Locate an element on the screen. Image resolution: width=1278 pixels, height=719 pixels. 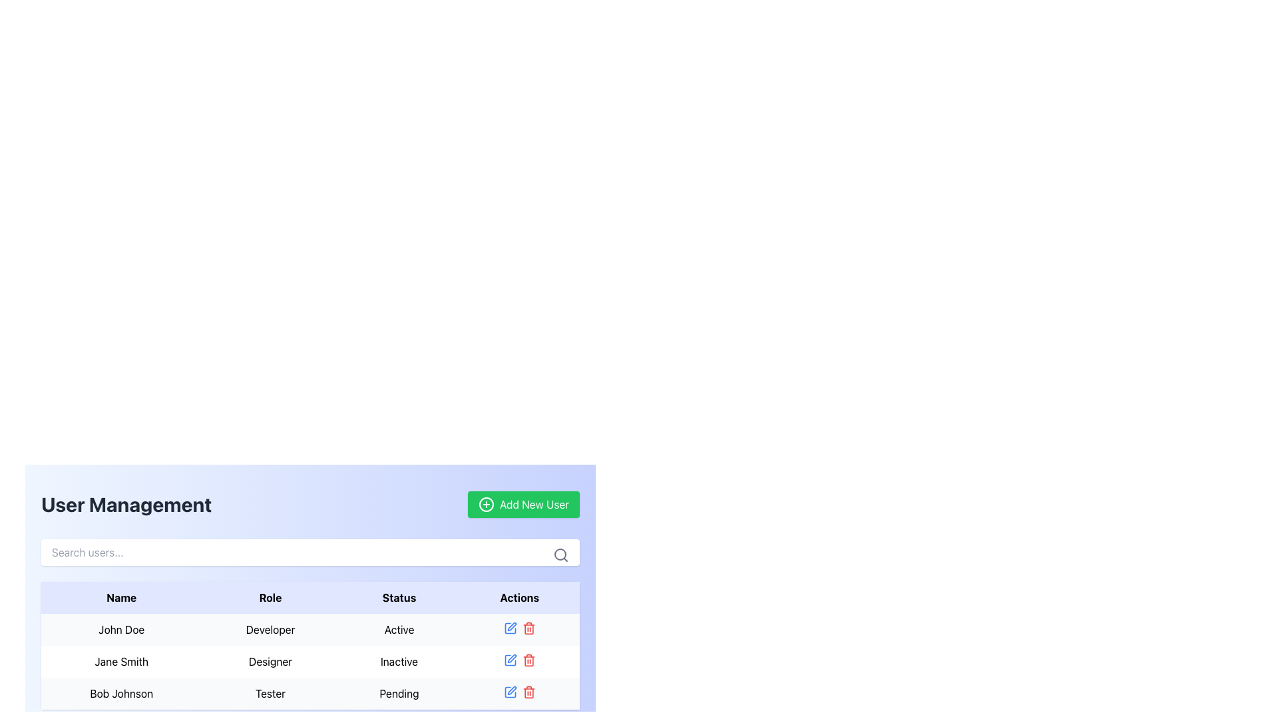
the 'Pending' static text label in the third row of the 'Status' column, which is under the user 'Bob Johnson' is located at coordinates (399, 692).